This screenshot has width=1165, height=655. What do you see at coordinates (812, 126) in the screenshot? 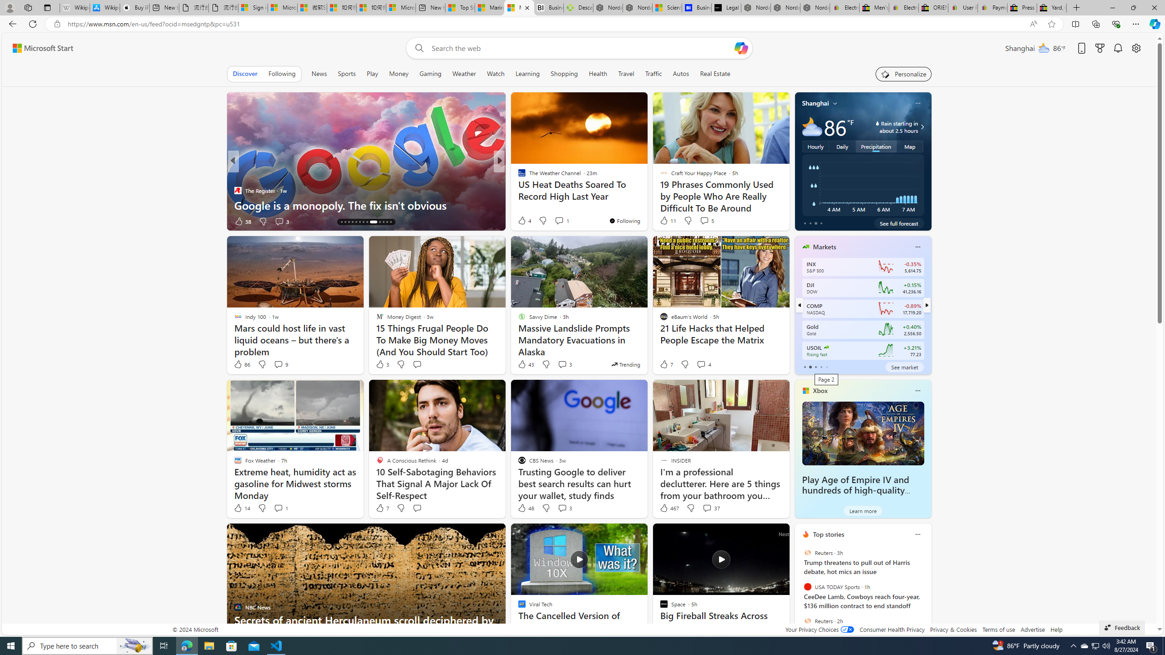
I see `'Mostly cloudy'` at bounding box center [812, 126].